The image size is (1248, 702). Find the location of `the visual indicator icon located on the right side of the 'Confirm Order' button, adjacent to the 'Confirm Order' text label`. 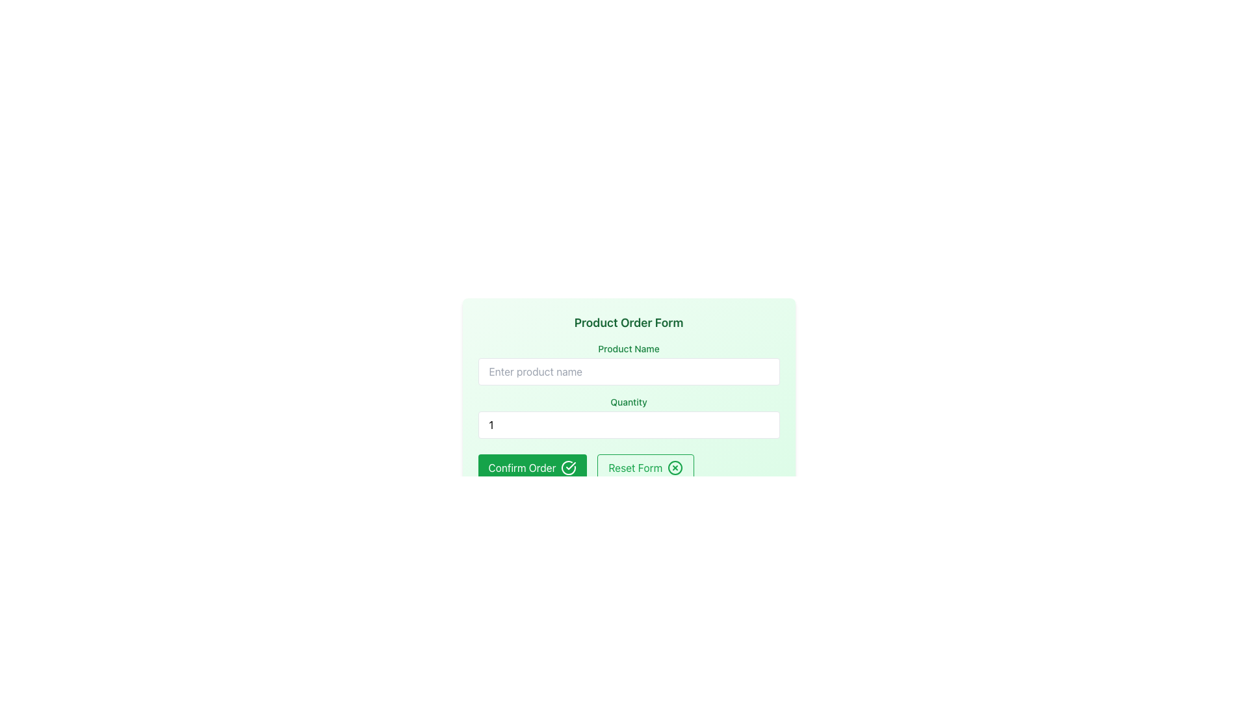

the visual indicator icon located on the right side of the 'Confirm Order' button, adjacent to the 'Confirm Order' text label is located at coordinates (569, 468).